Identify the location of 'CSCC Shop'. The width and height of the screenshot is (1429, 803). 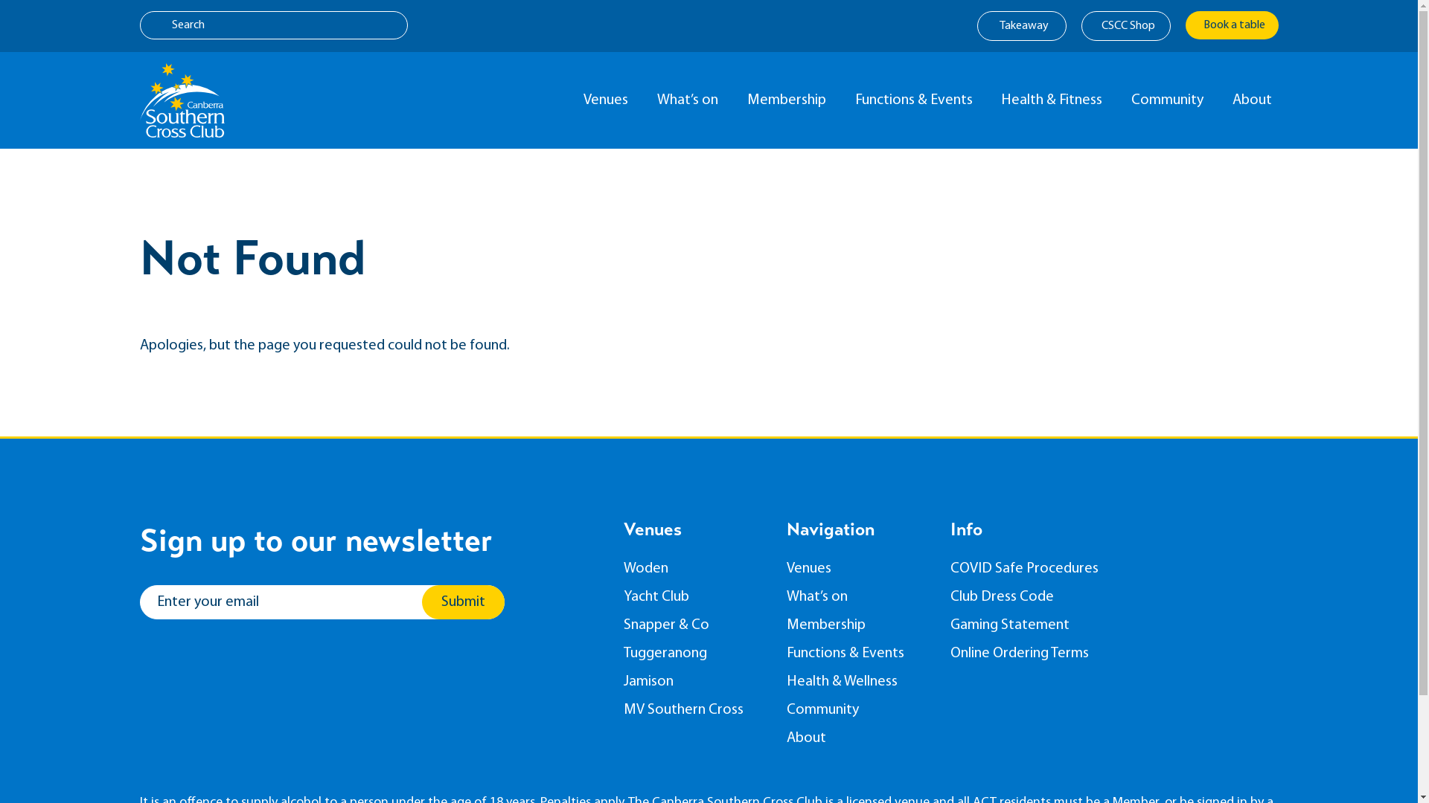
(1125, 25).